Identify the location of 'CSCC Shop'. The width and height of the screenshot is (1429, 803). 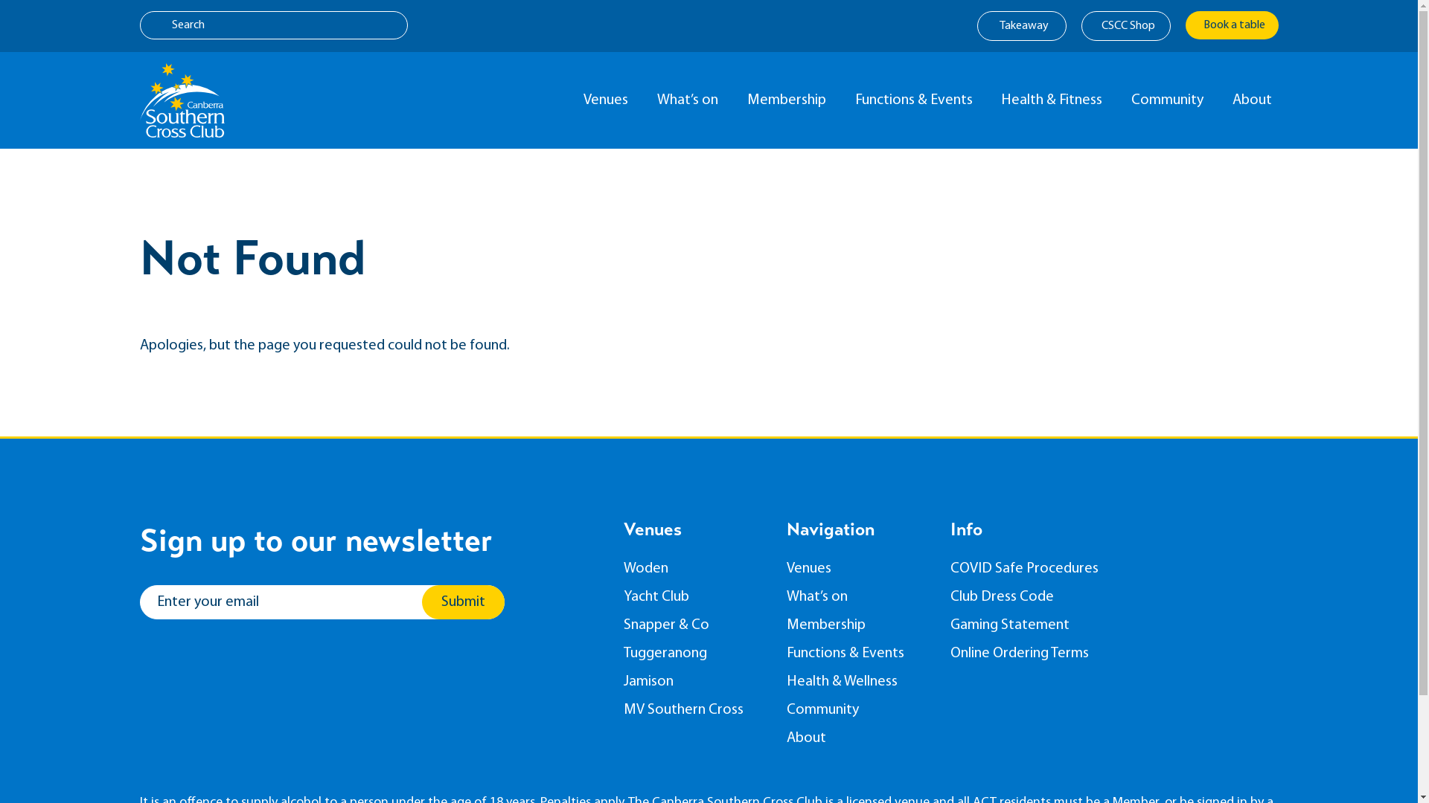
(1125, 25).